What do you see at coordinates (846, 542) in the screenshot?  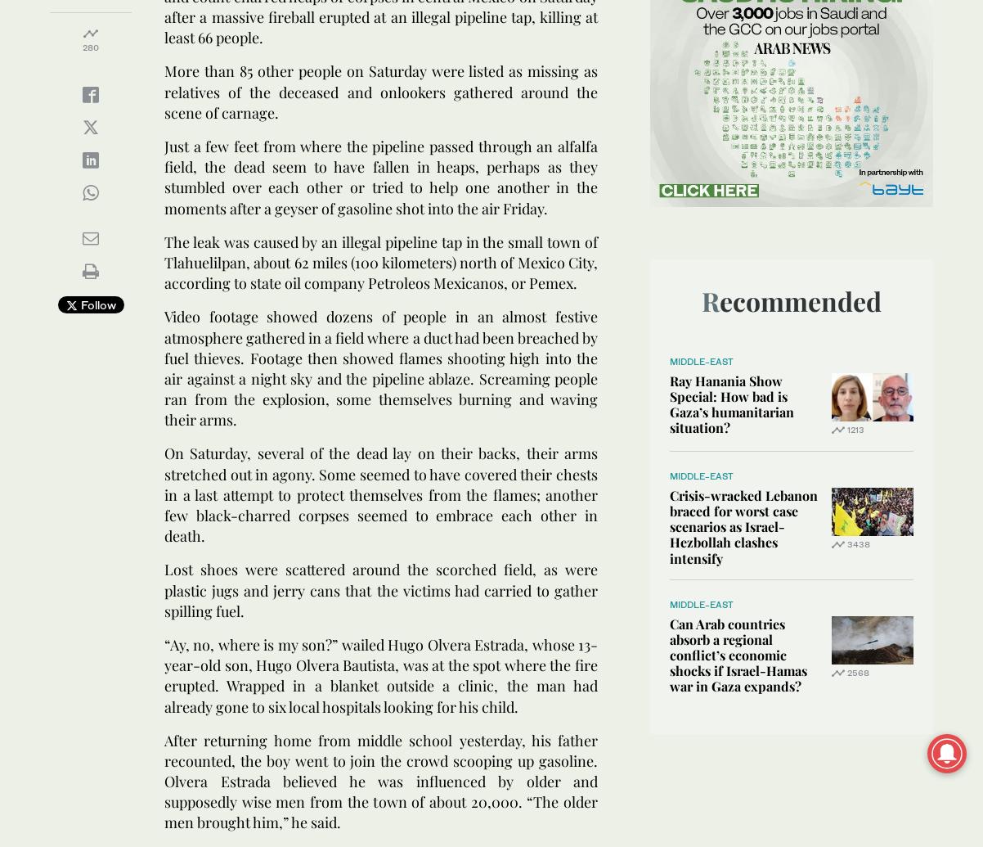 I see `'3438'` at bounding box center [846, 542].